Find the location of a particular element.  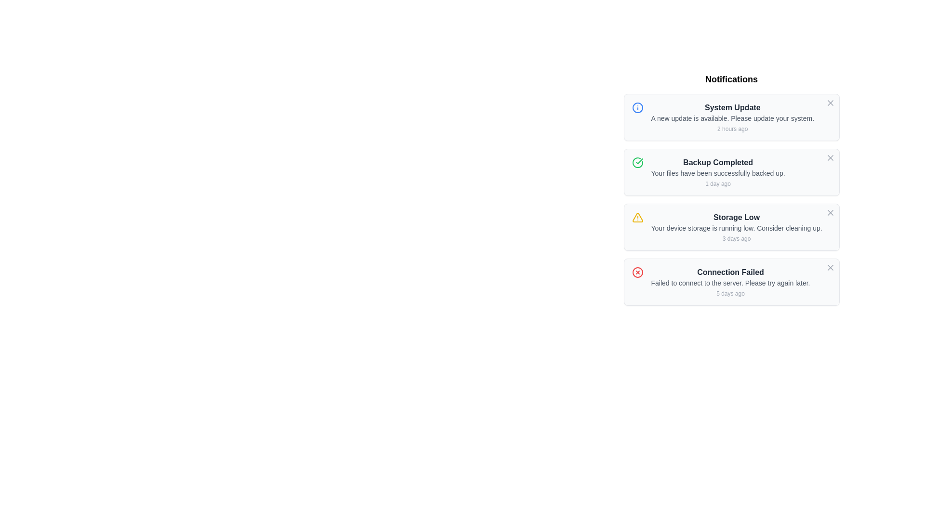

error message displayed in the Notification message block titled 'Connection Failed', which explains 'Failed to connect to the server. Please try again later.' is located at coordinates (730, 282).